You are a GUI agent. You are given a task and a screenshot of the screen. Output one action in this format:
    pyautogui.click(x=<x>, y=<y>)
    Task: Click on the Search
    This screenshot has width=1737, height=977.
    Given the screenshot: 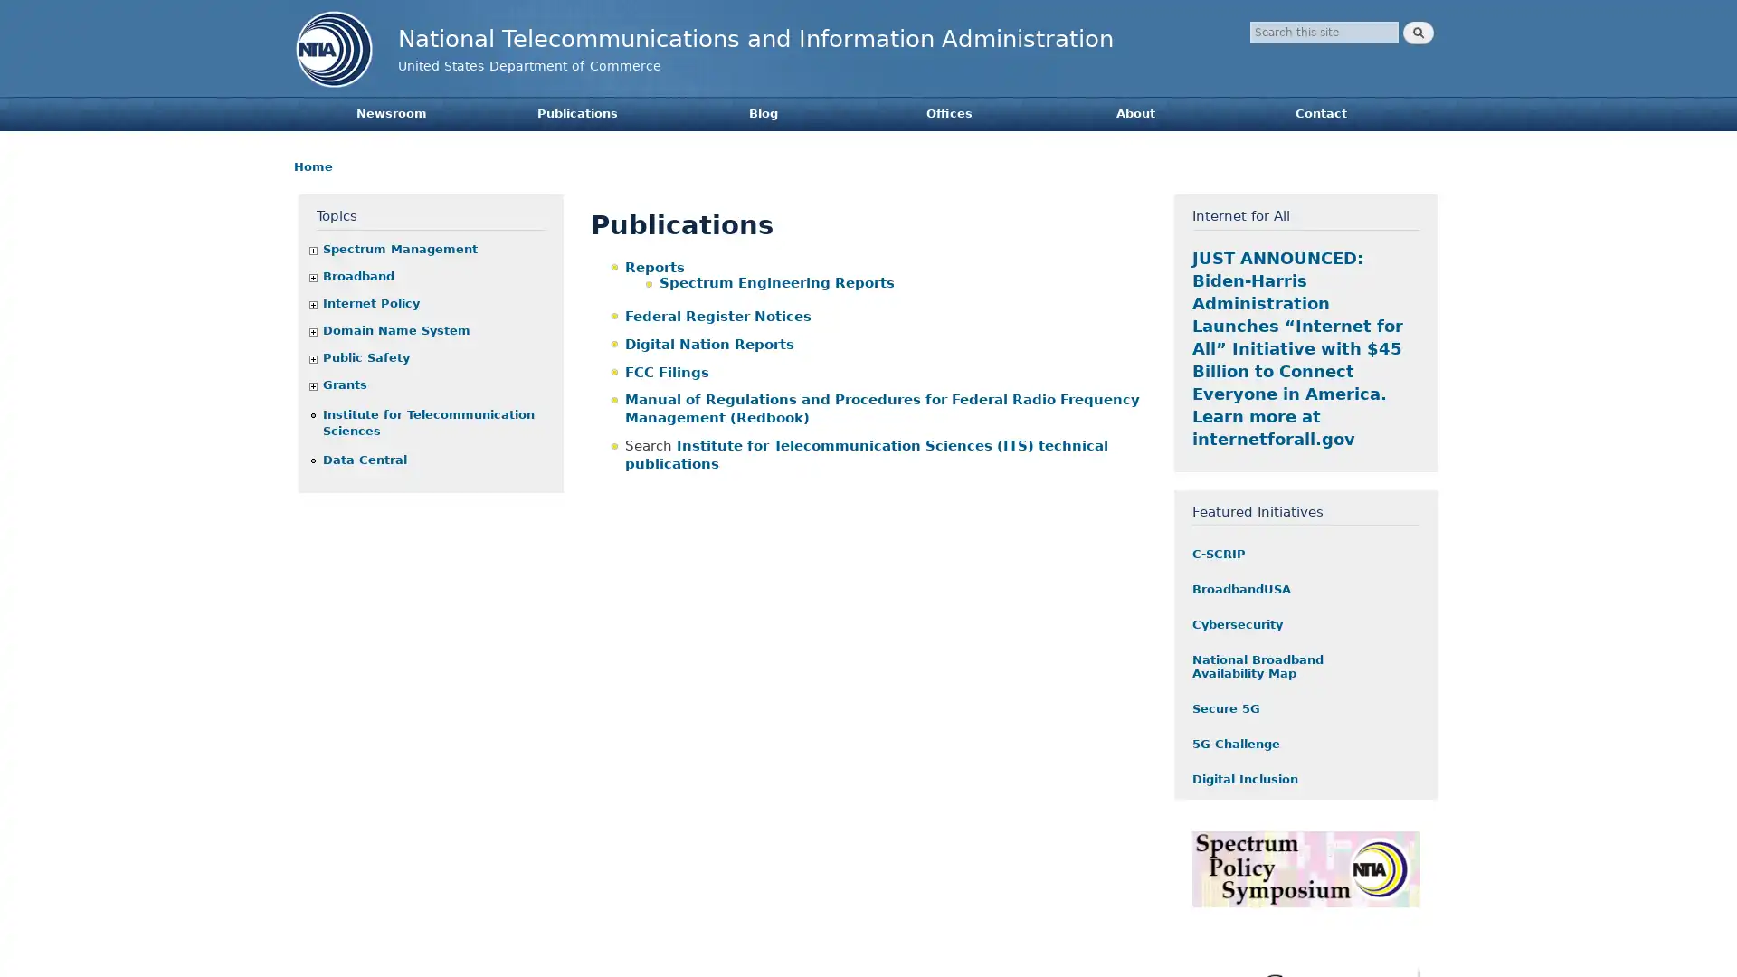 What is the action you would take?
    pyautogui.click(x=1418, y=33)
    